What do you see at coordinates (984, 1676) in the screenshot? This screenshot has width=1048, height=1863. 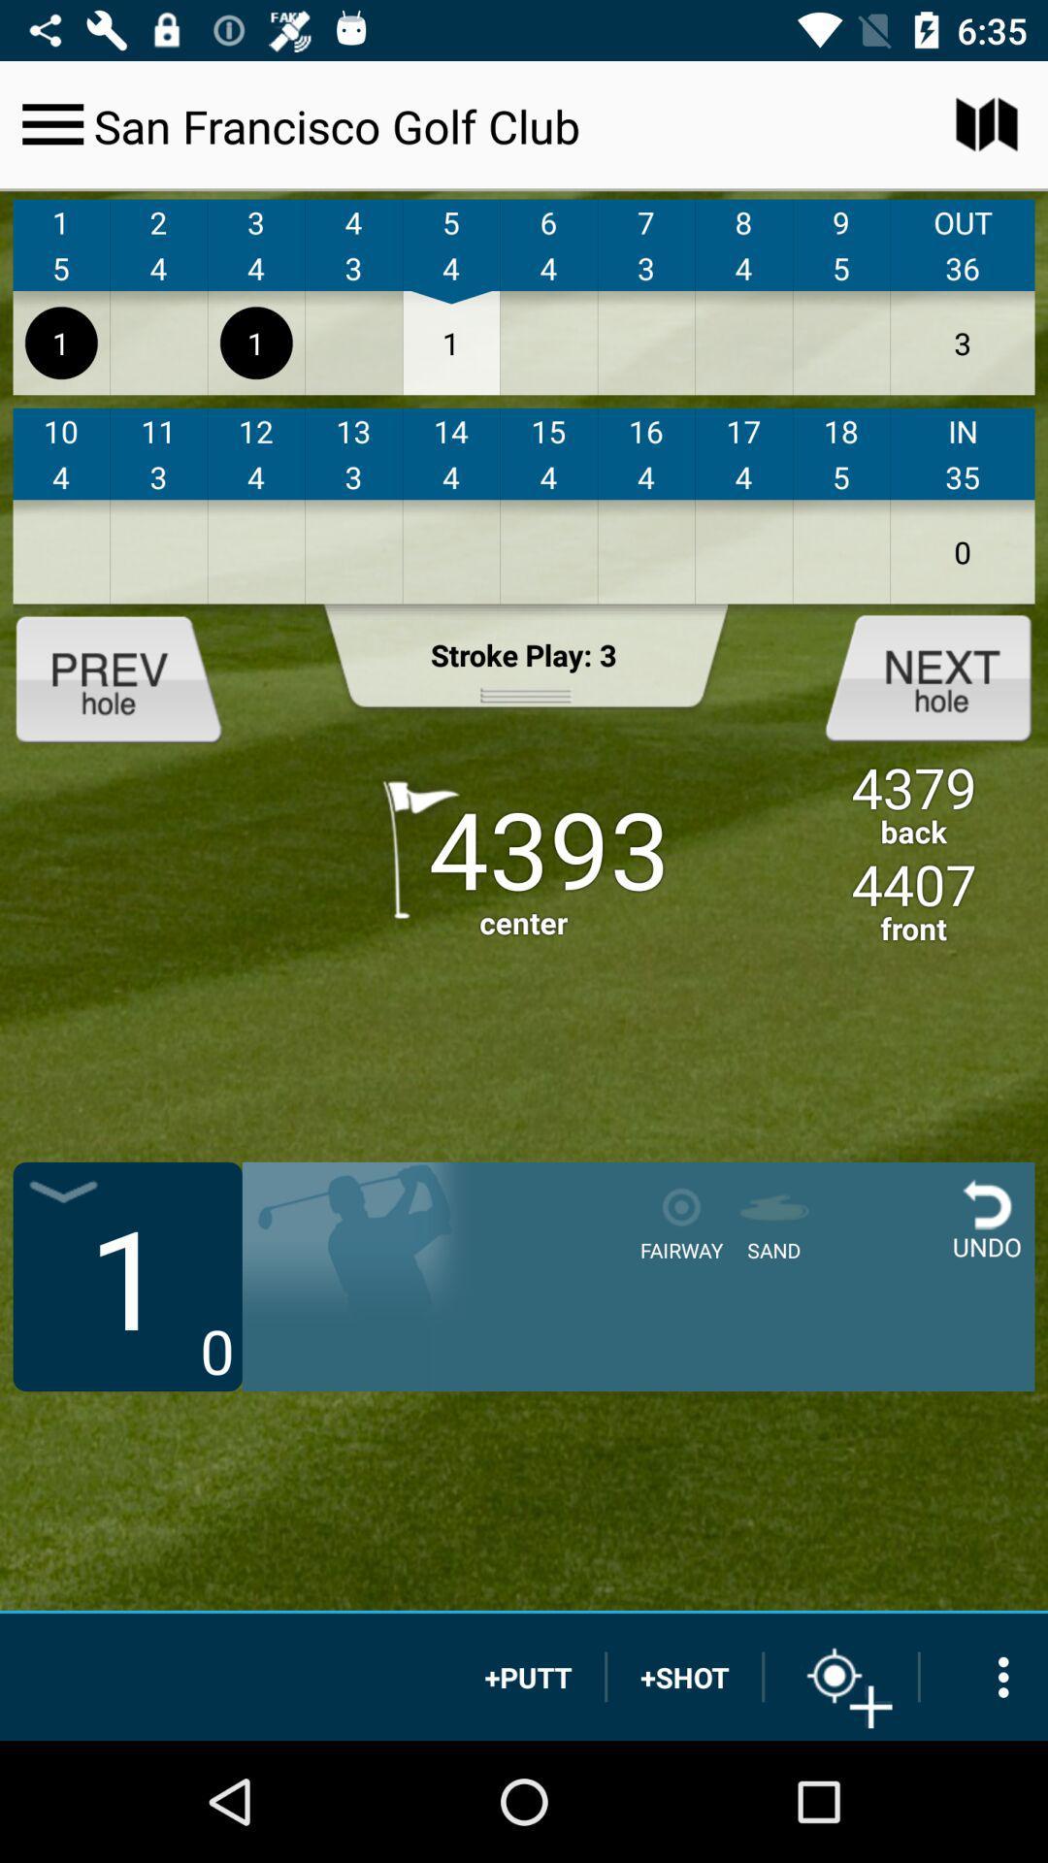 I see `more options` at bounding box center [984, 1676].